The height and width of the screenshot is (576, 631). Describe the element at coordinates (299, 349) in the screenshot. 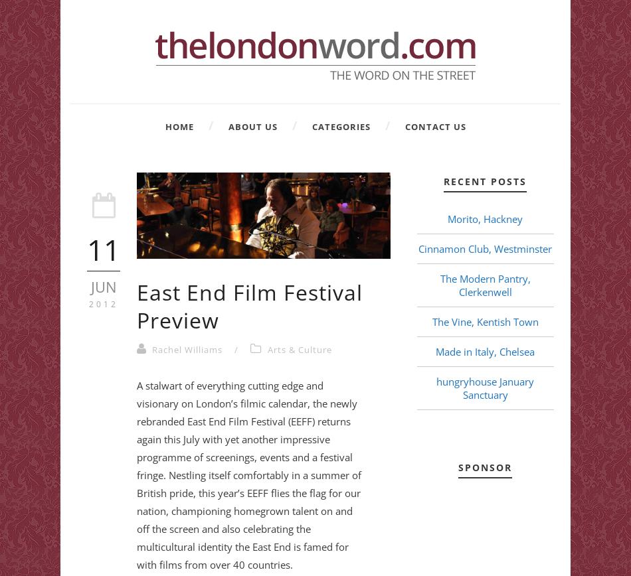

I see `'Arts & Culture'` at that location.